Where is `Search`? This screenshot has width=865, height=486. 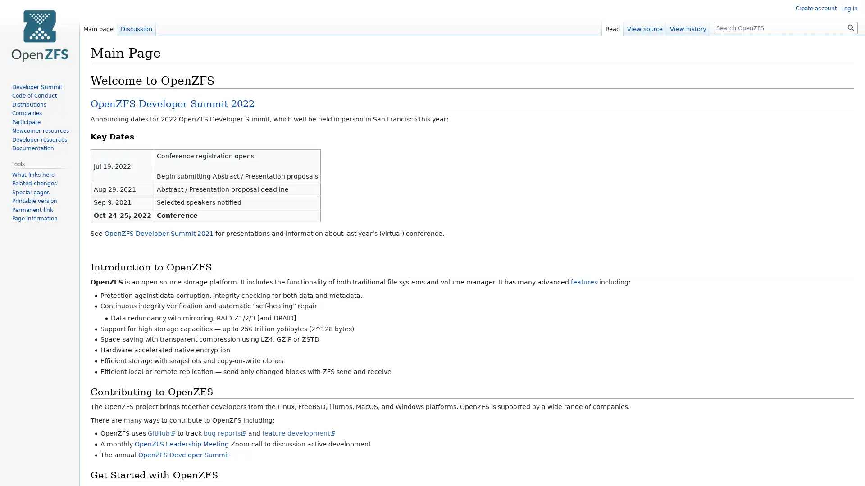
Search is located at coordinates (851, 27).